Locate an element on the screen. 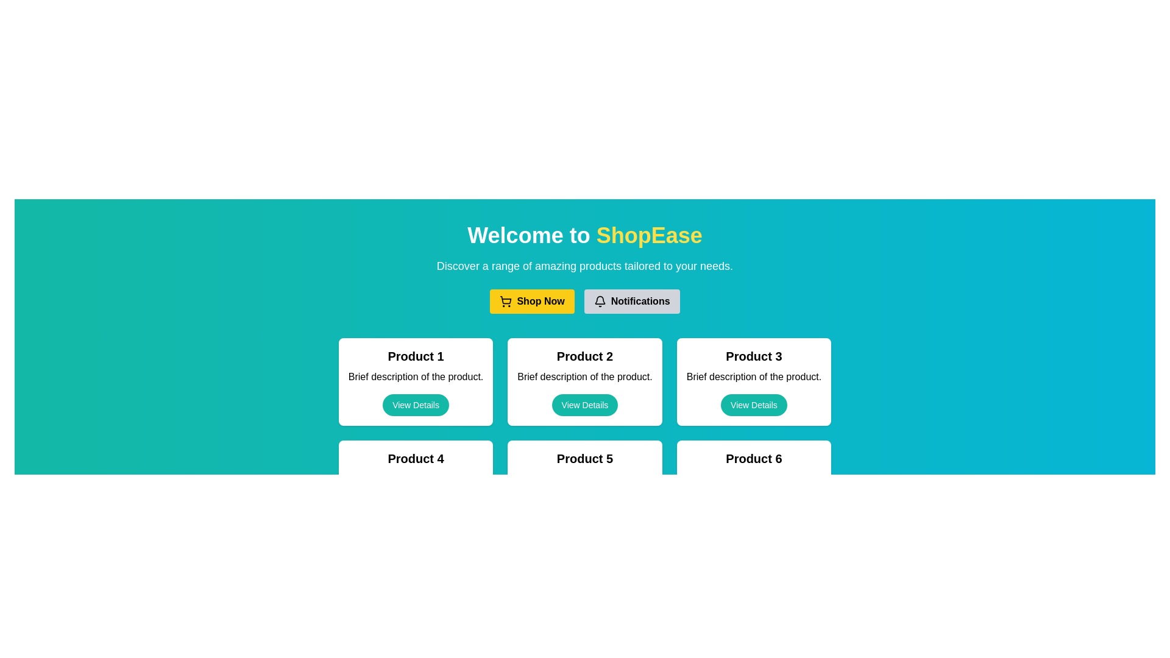 Image resolution: width=1170 pixels, height=658 pixels. the 'Product 3' text label, which is displayed in bold and larger font at the top of a light-colored card with rounded corners, located third in a row of similar cards is located at coordinates (753, 356).